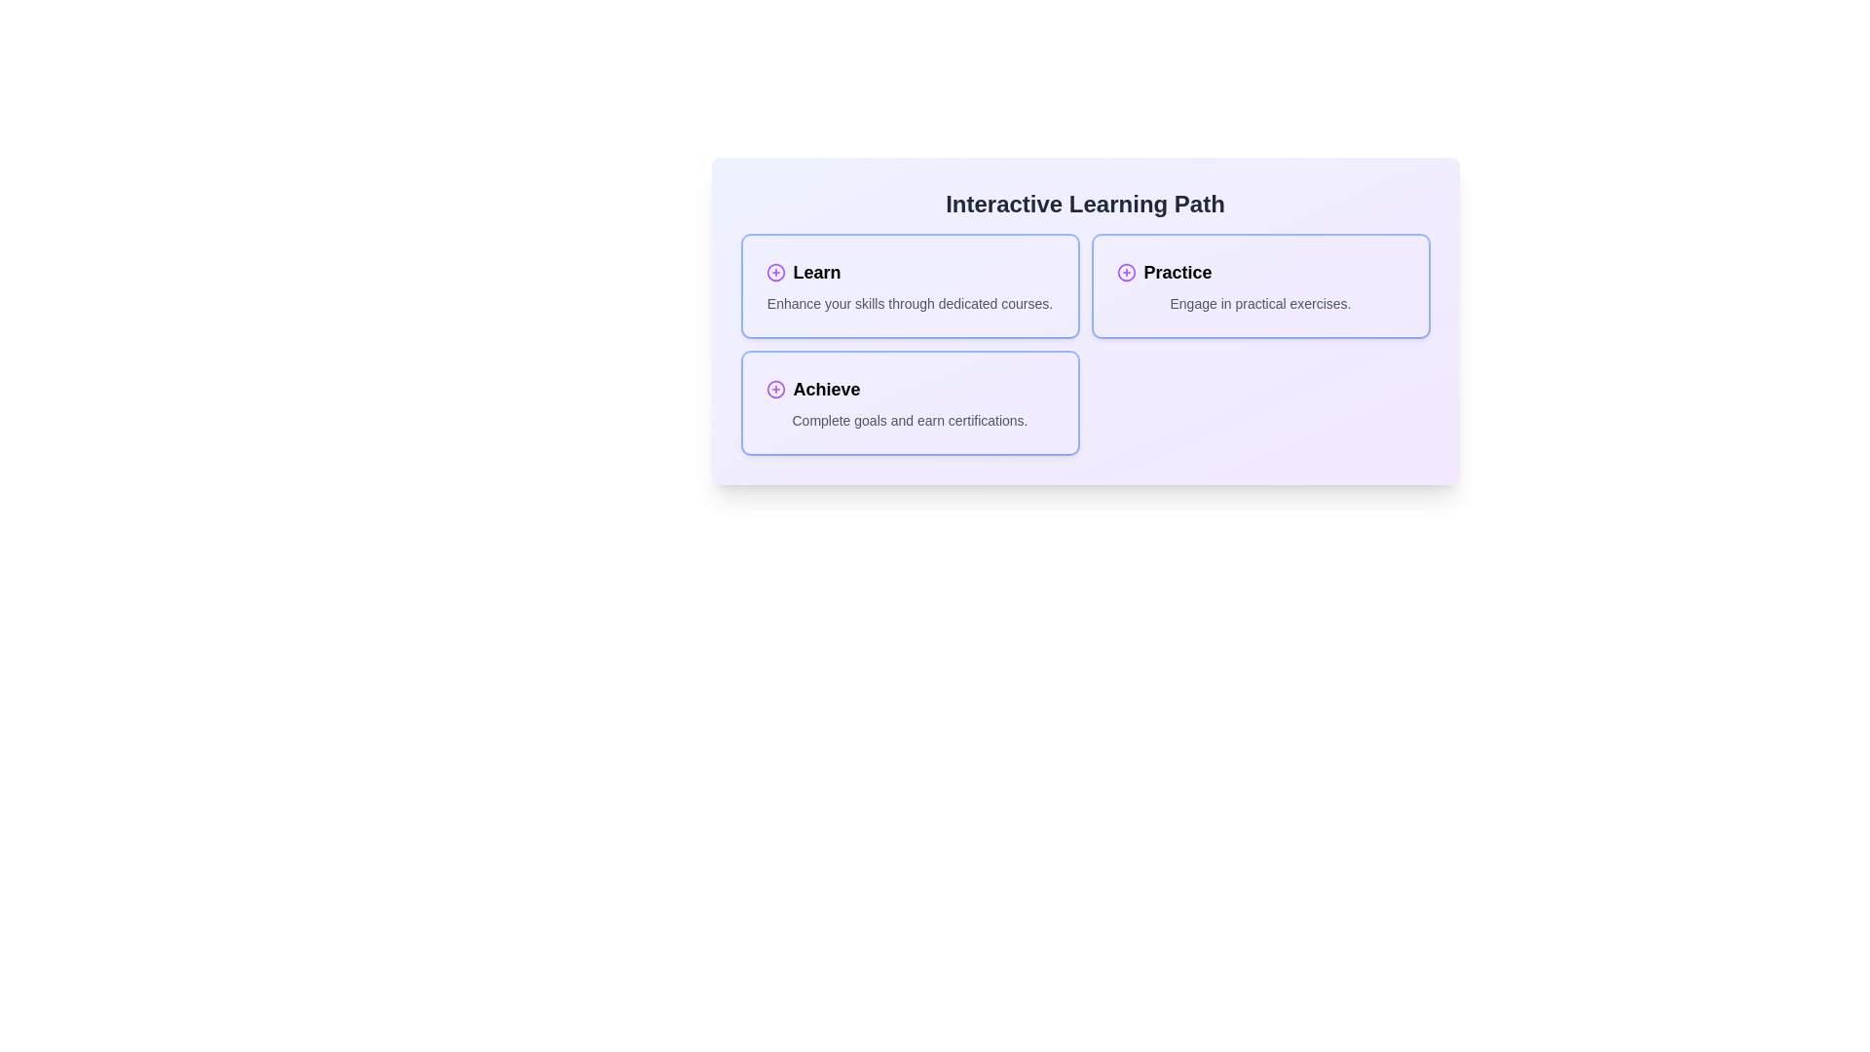 The height and width of the screenshot is (1052, 1870). I want to click on the text snippet 'Engage in practical exercises.' which is styled in gray color and located below the bold header 'Practice' inside its card, so click(1260, 304).